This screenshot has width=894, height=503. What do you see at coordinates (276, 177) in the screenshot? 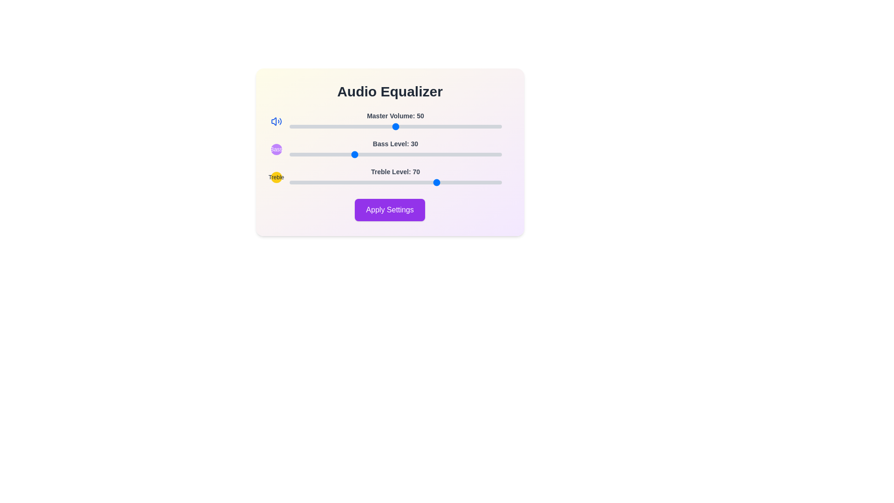
I see `the Circular Label or Badge indicating the Treble Level control section in the audio equalizer interface` at bounding box center [276, 177].